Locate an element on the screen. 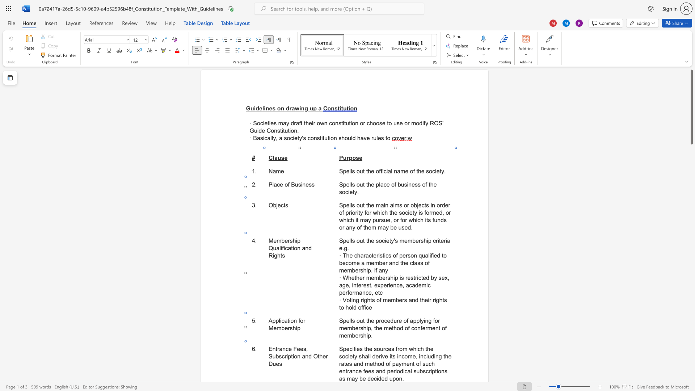 The width and height of the screenshot is (695, 391). the space between the continuous character "h" and "a" in the text is located at coordinates (365, 356).